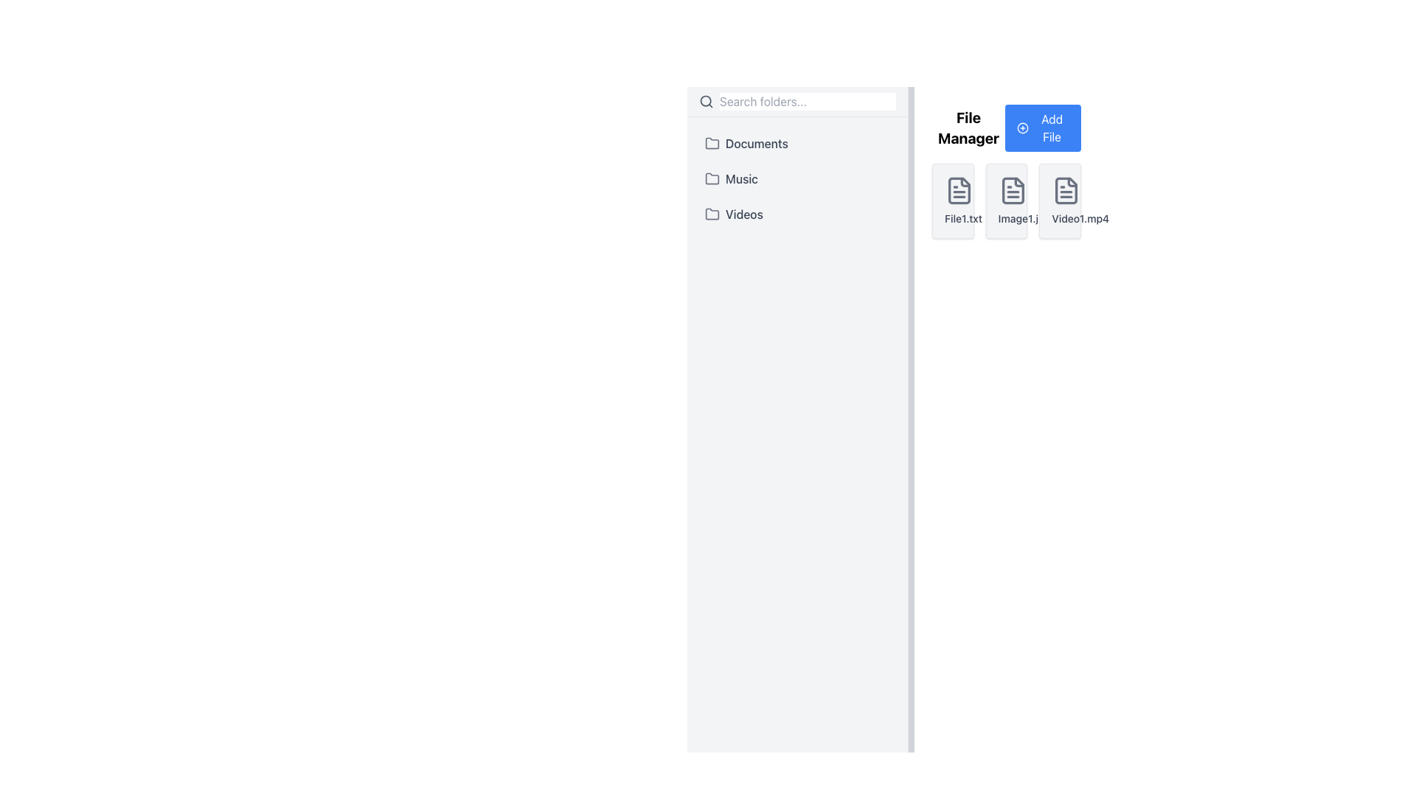  What do you see at coordinates (1012, 189) in the screenshot?
I see `the file icon styled as a document with a folded corner, located within the card labeled 'Image1.jpg'` at bounding box center [1012, 189].